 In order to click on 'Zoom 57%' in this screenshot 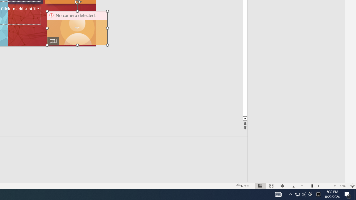, I will do `click(343, 186)`.